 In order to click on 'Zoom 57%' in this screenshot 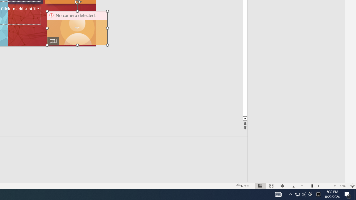, I will do `click(343, 186)`.